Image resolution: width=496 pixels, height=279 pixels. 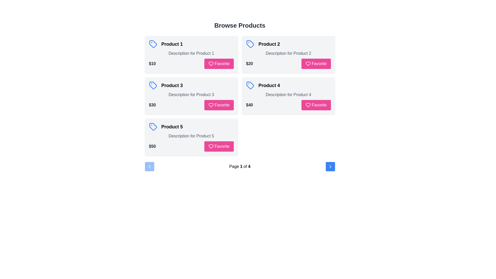 I want to click on the blue tag icon located, so click(x=153, y=127).